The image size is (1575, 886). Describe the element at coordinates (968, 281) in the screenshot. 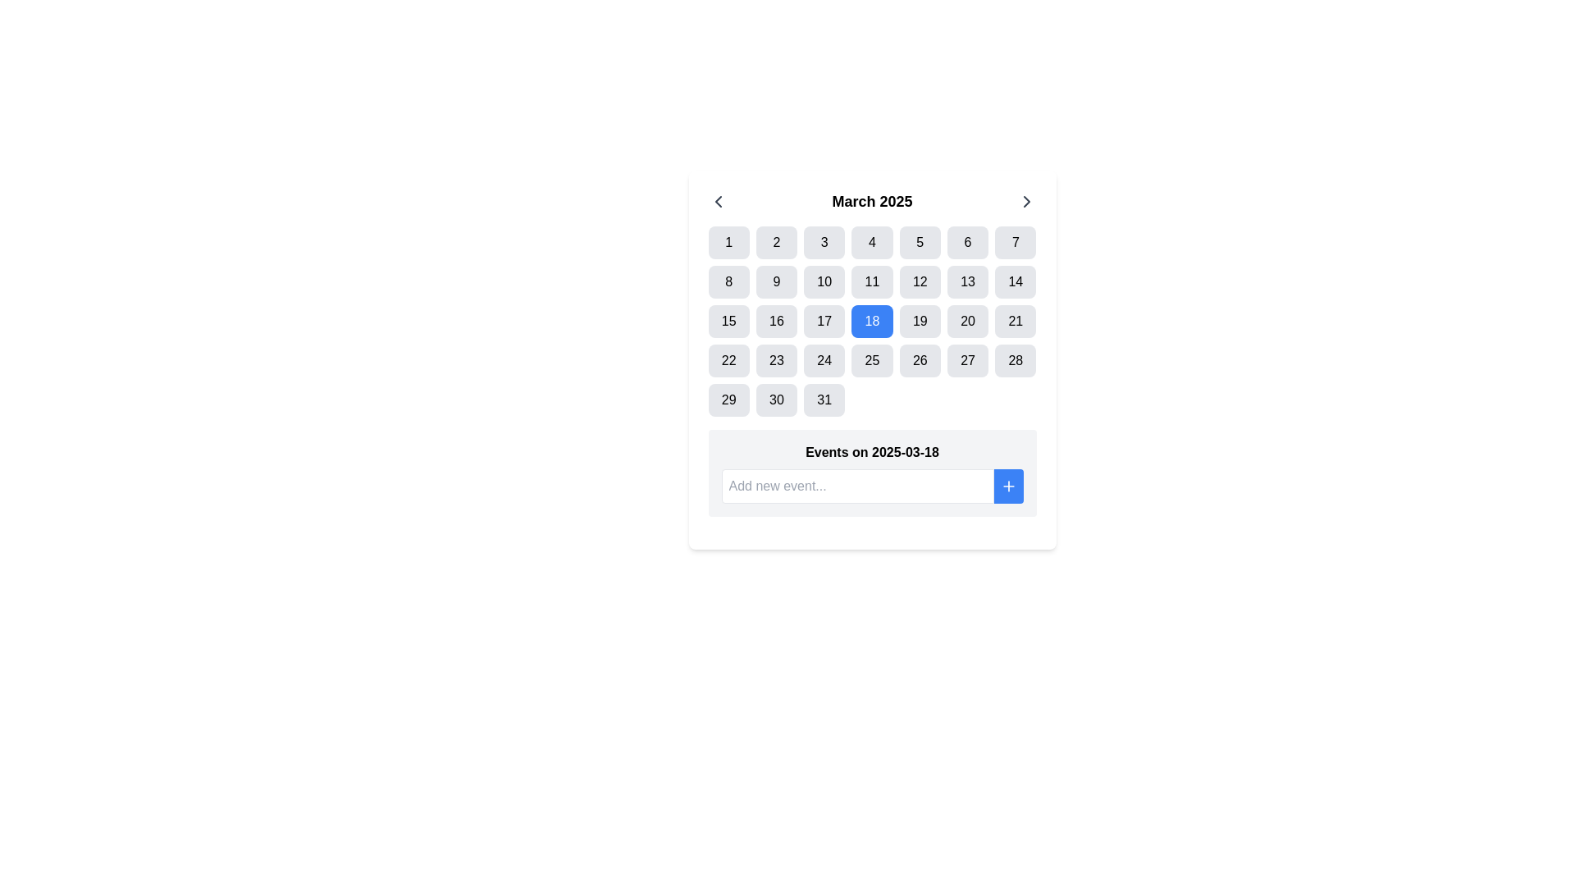

I see `the button labeled '13'` at that location.